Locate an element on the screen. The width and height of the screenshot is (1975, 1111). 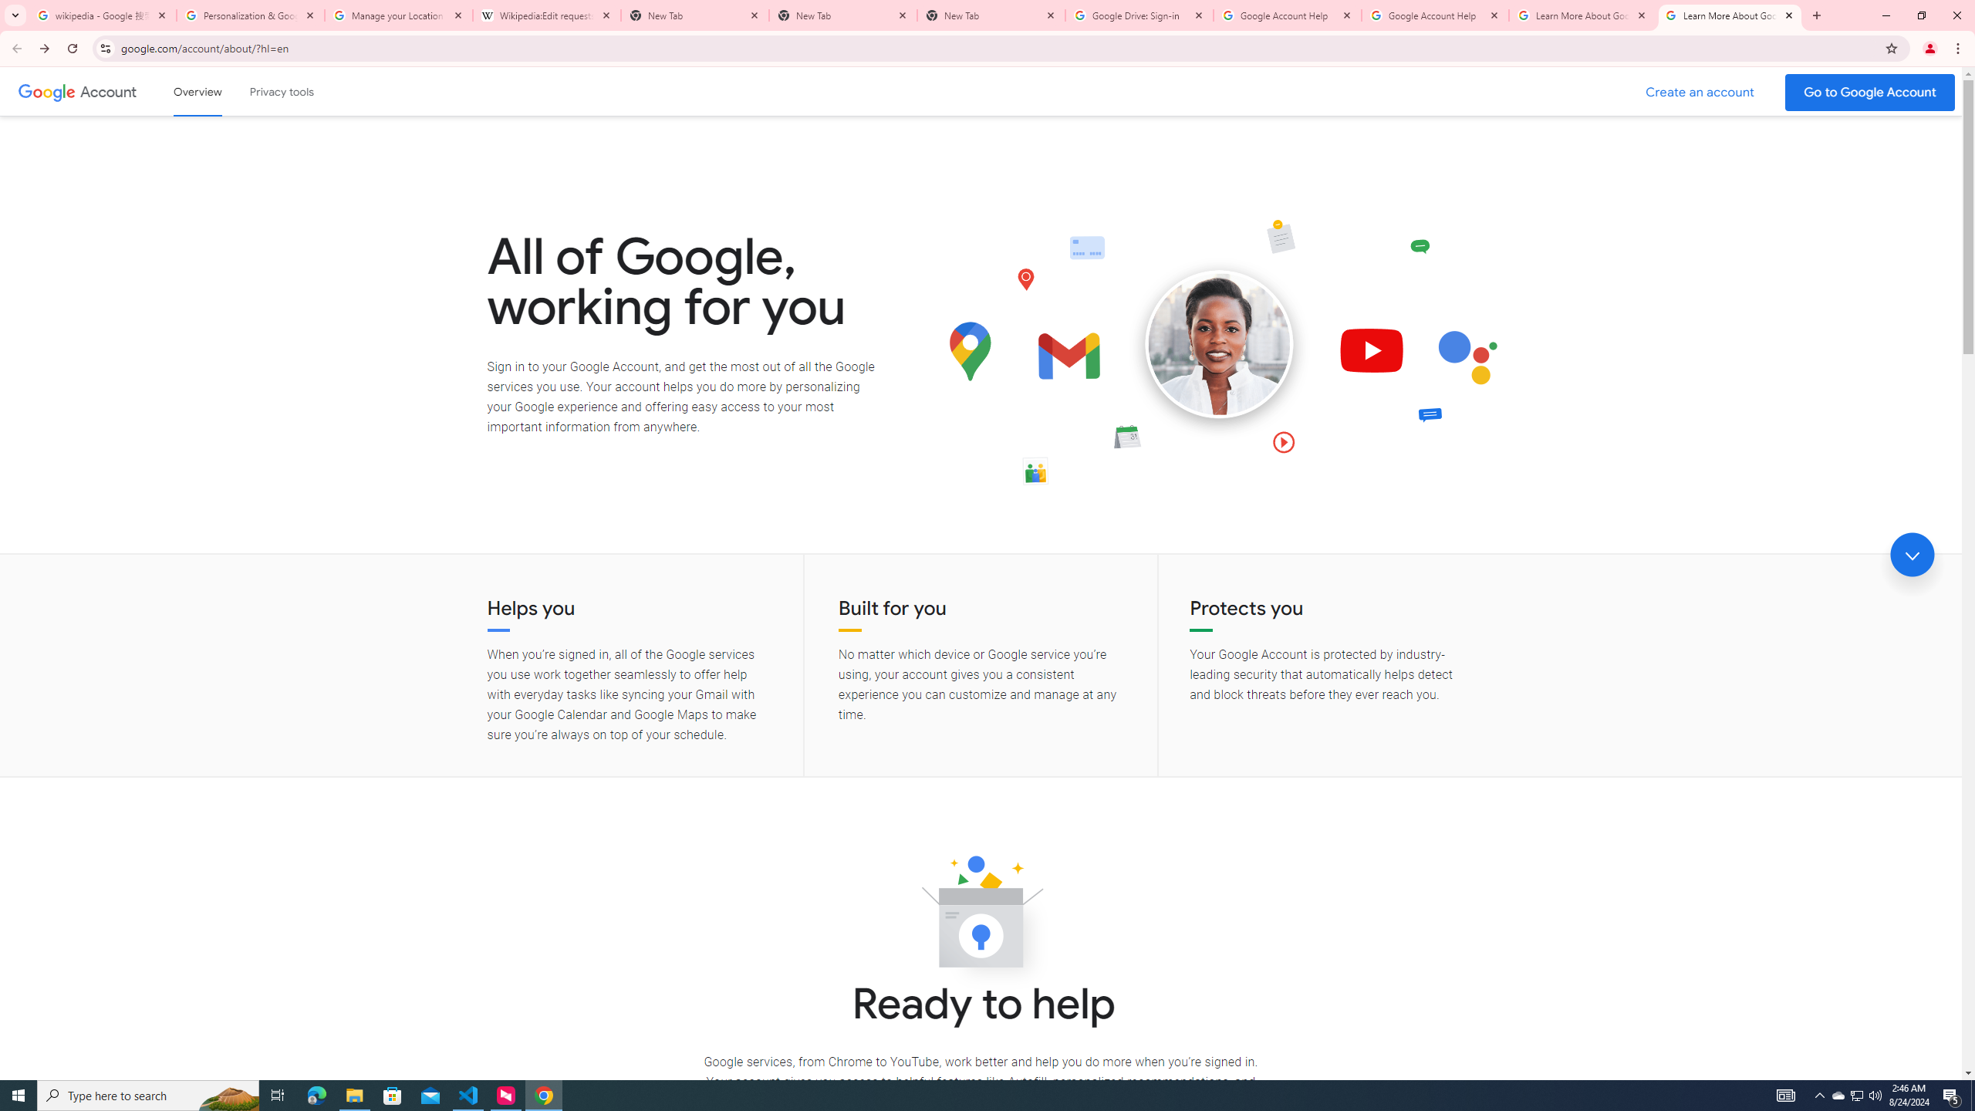
'Create a Google Account' is located at coordinates (1700, 92).